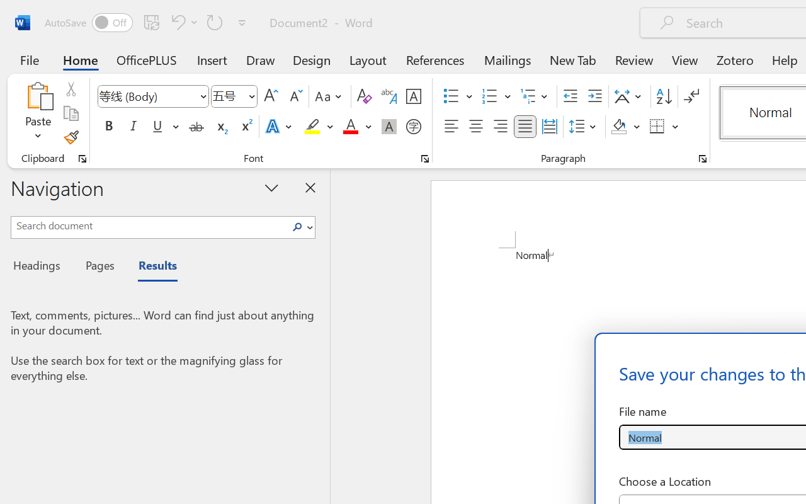 The height and width of the screenshot is (504, 806). I want to click on 'Text Highlight Color', so click(319, 127).